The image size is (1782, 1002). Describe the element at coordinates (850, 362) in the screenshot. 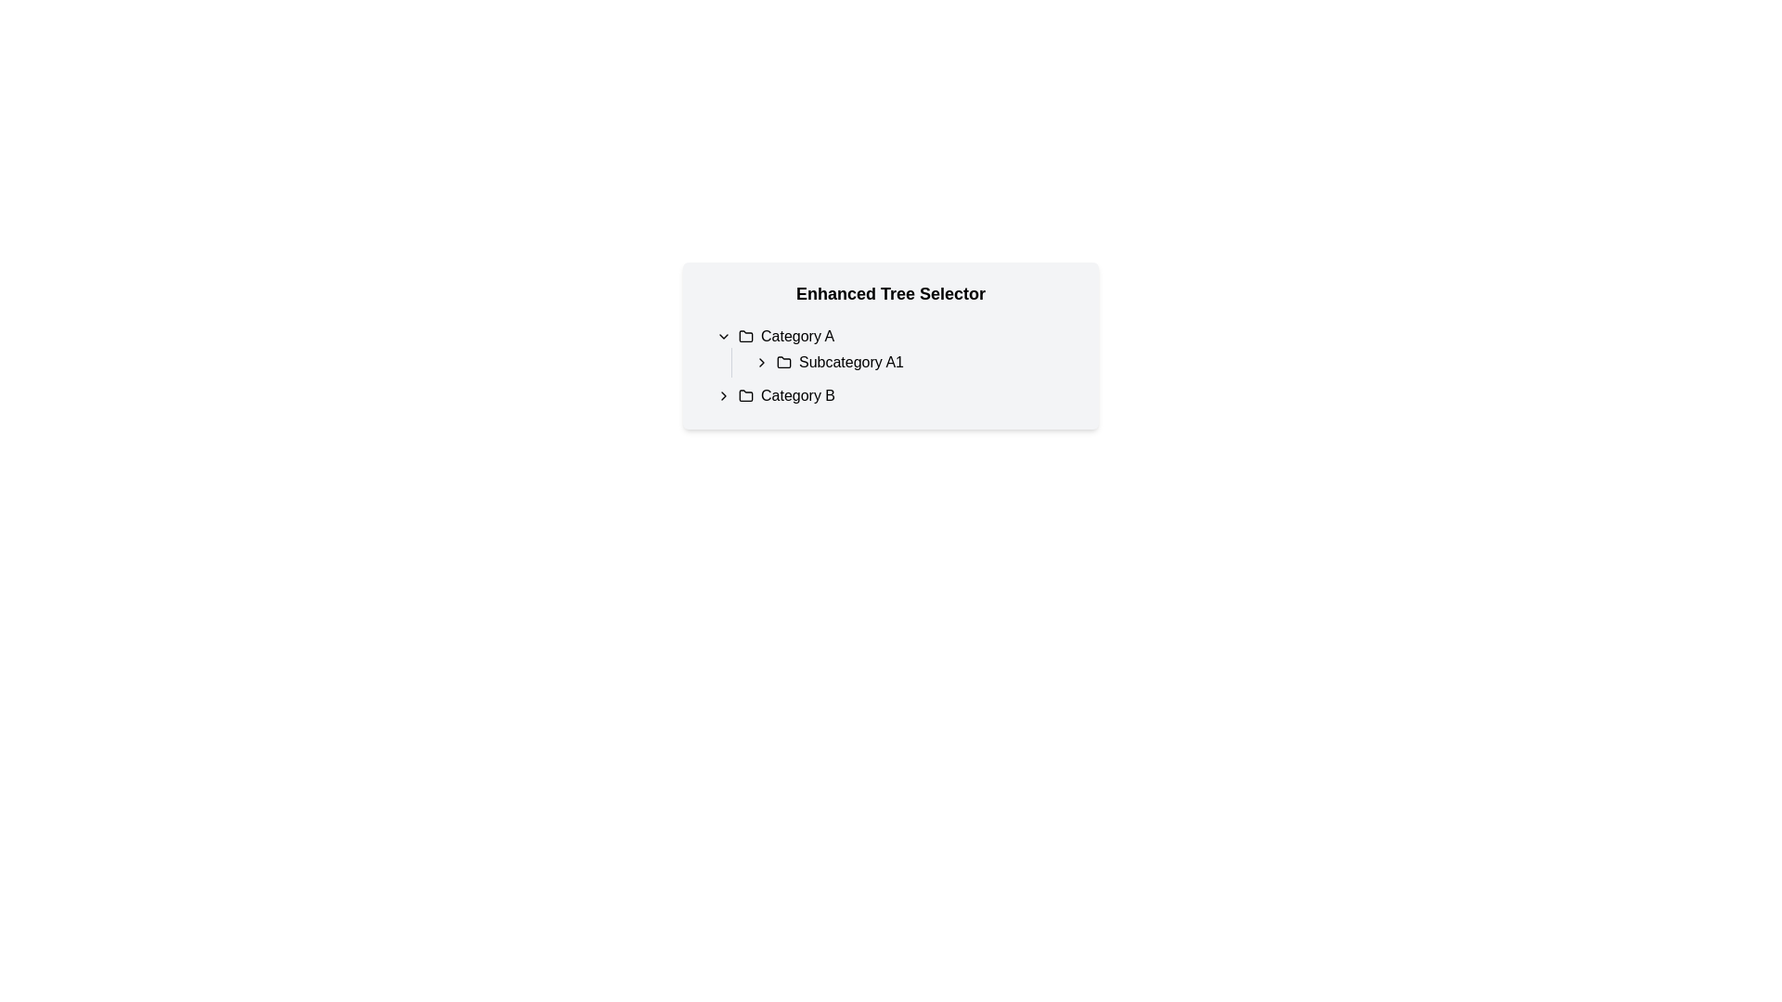

I see `the selectable subcategory label in the tree view navigation system` at that location.